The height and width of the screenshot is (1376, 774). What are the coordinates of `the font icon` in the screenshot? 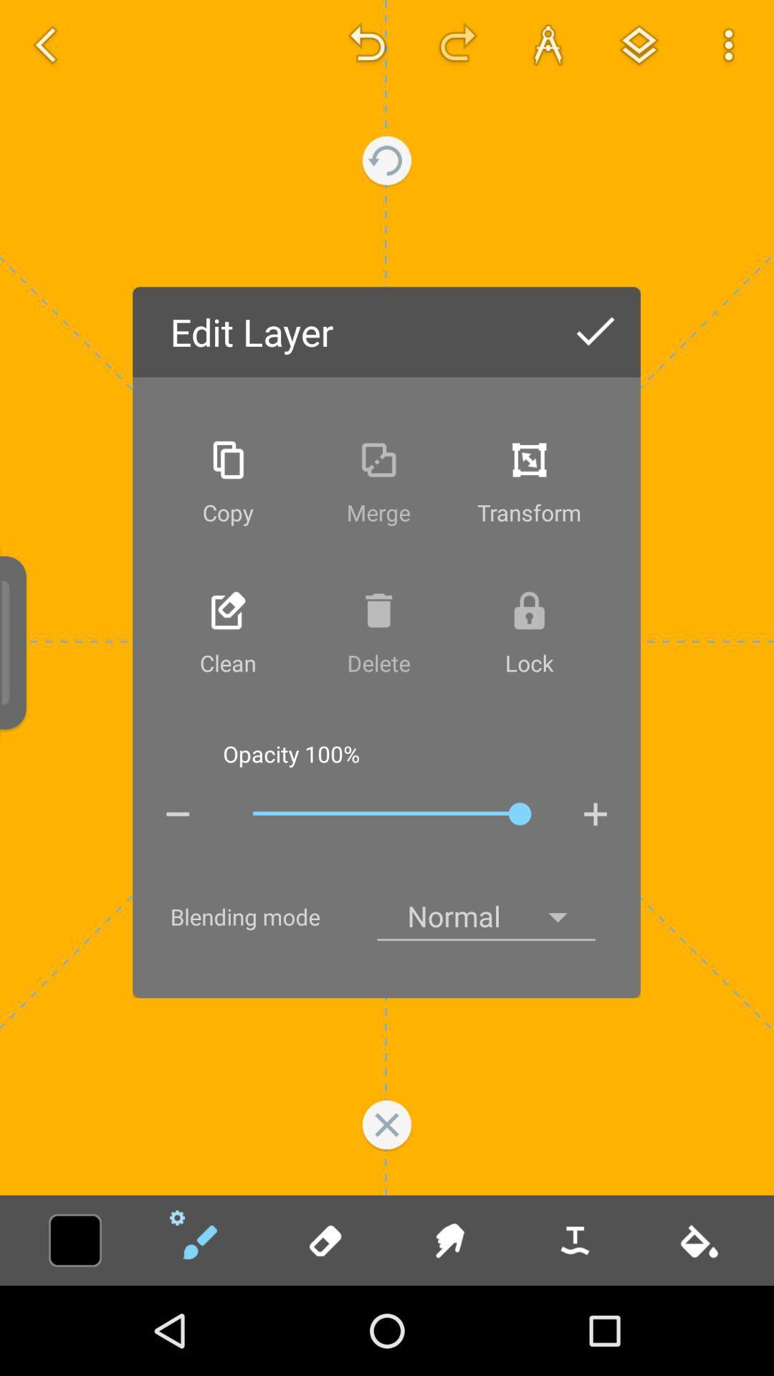 It's located at (548, 44).